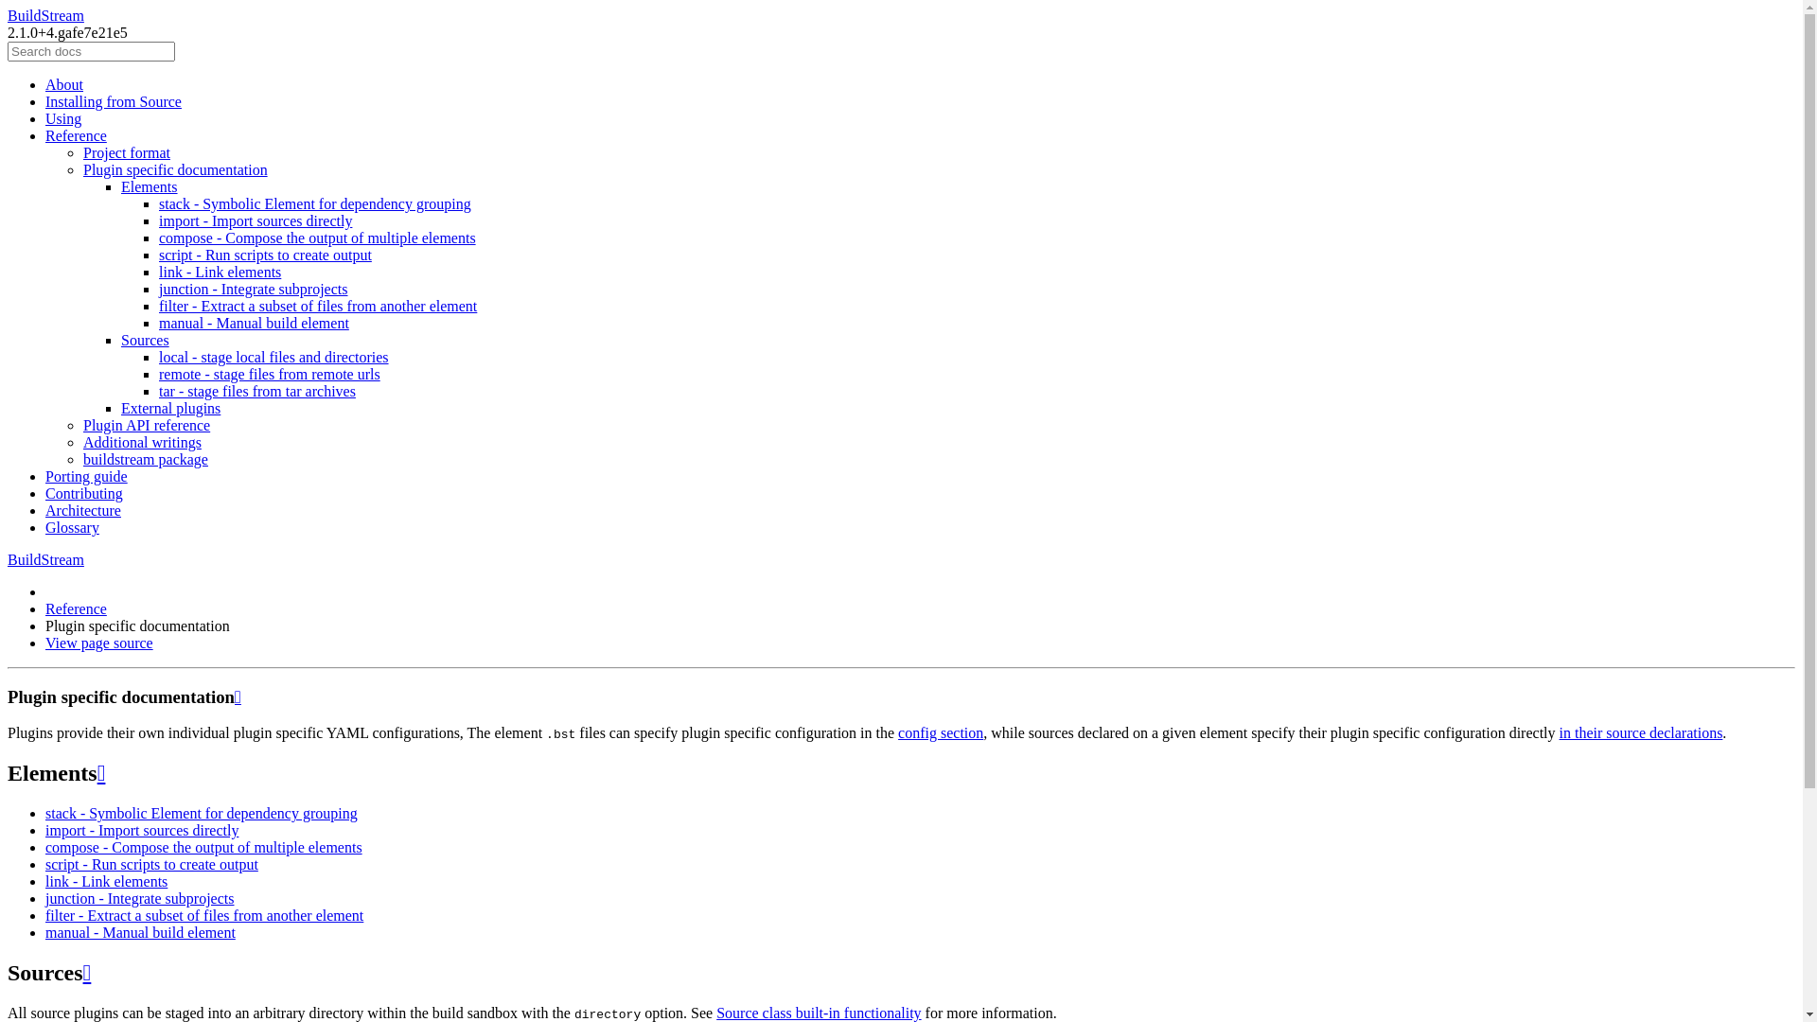 The image size is (1817, 1022). Describe the element at coordinates (1640, 731) in the screenshot. I see `'in their source declarations'` at that location.